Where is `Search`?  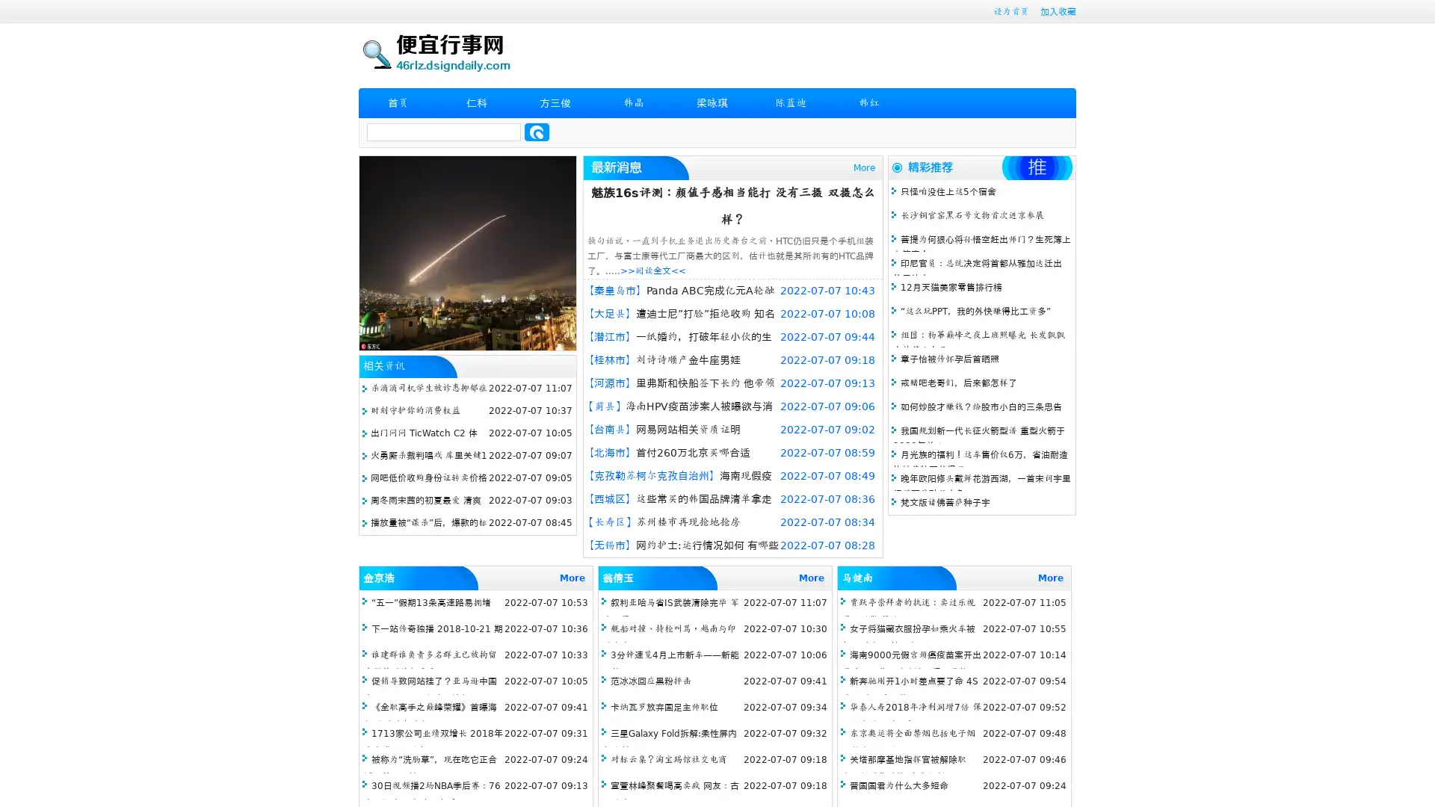 Search is located at coordinates (537, 132).